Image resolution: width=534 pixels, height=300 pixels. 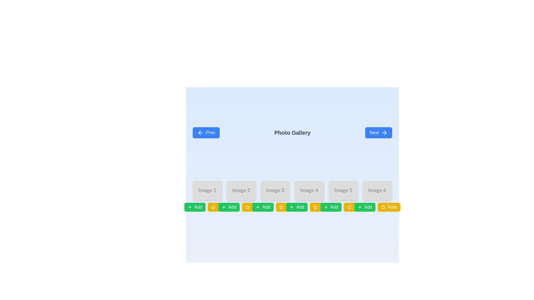 What do you see at coordinates (206, 133) in the screenshot?
I see `the blue 'Prev' button with a left arrow icon` at bounding box center [206, 133].